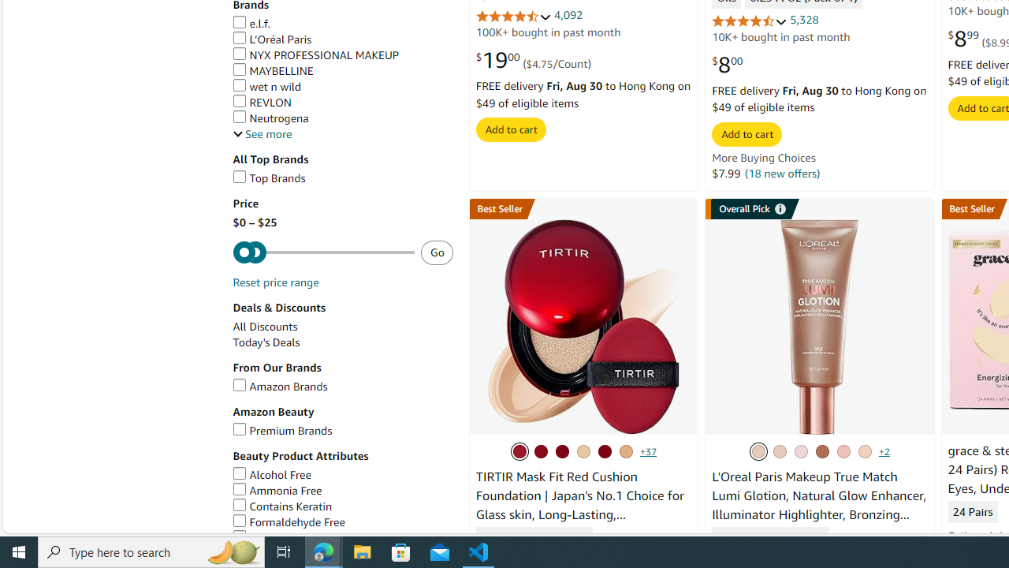  What do you see at coordinates (266, 342) in the screenshot?
I see `'Today'` at bounding box center [266, 342].